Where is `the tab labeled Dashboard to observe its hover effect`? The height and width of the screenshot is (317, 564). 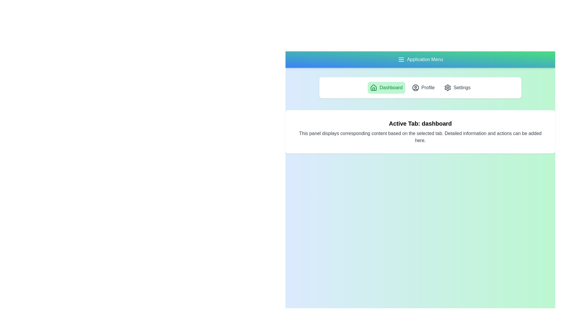
the tab labeled Dashboard to observe its hover effect is located at coordinates (386, 88).